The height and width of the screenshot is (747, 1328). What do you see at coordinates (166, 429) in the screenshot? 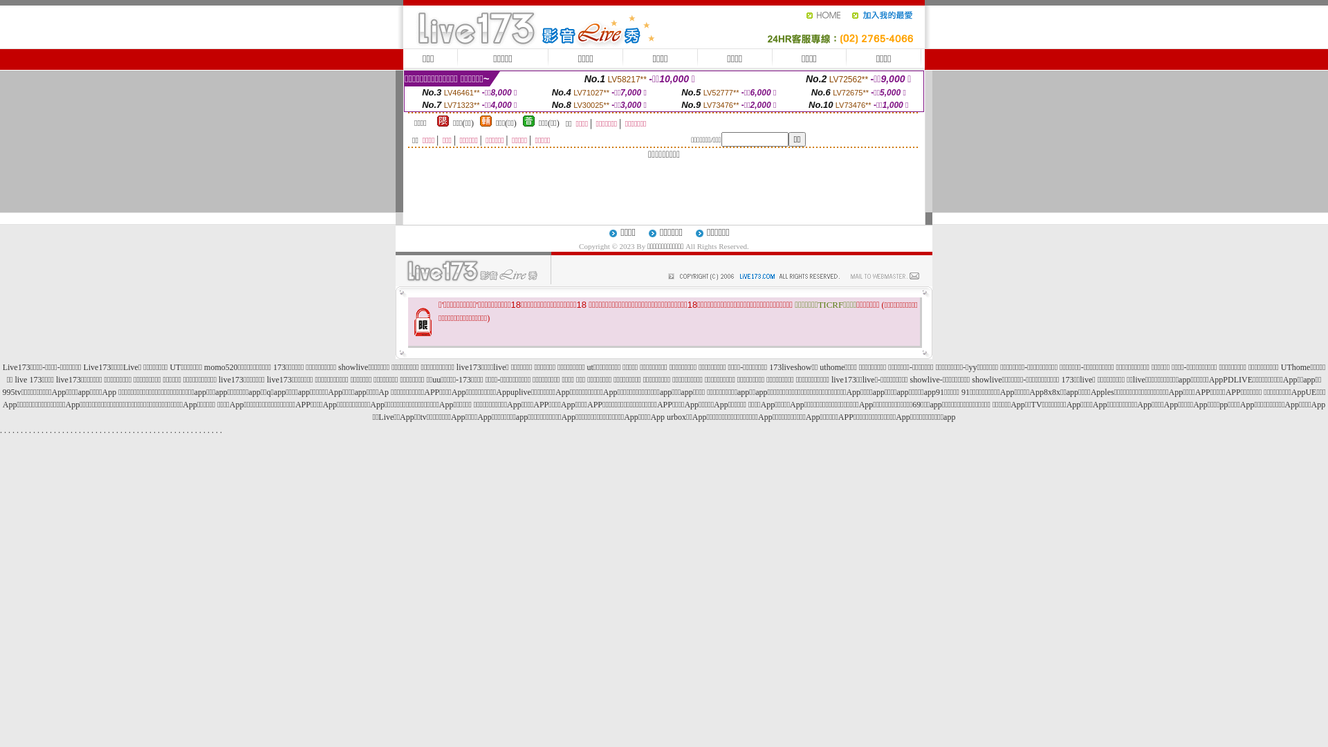
I see `'.'` at bounding box center [166, 429].